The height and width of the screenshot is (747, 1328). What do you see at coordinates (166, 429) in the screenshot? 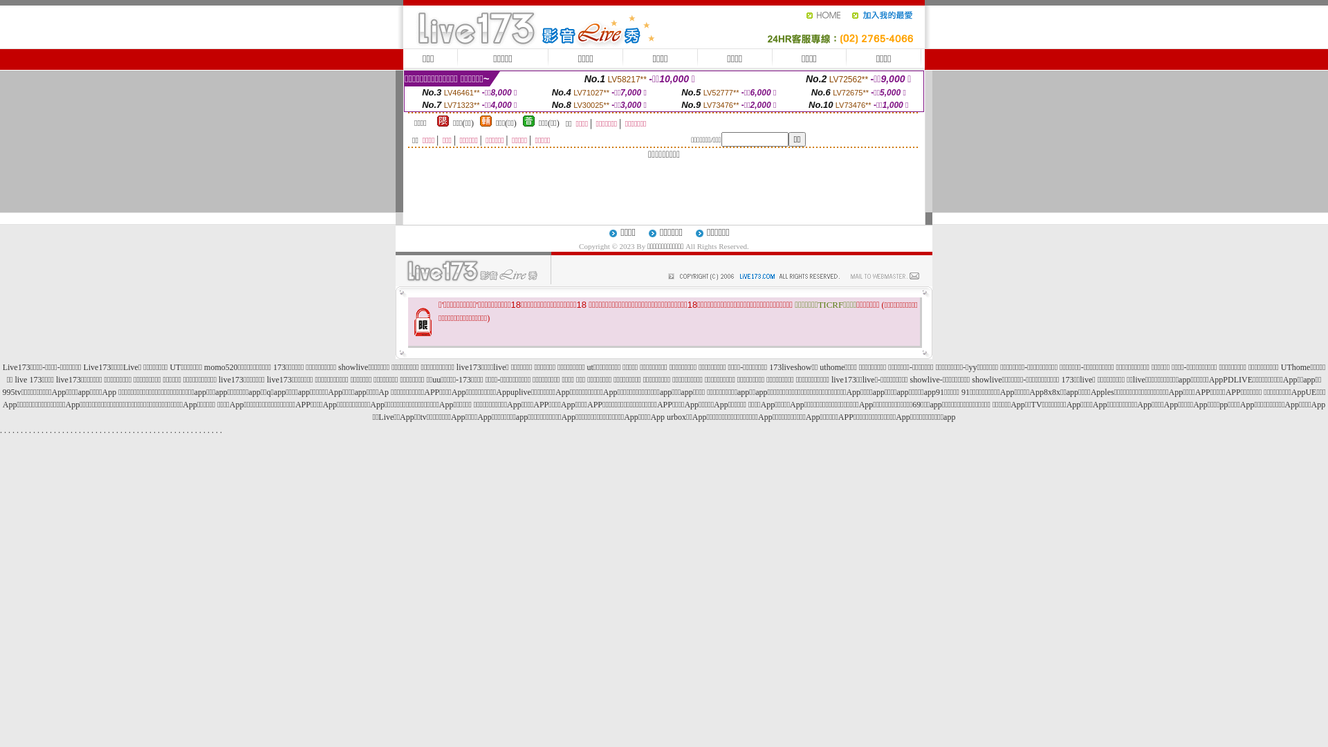
I see `'.'` at bounding box center [166, 429].